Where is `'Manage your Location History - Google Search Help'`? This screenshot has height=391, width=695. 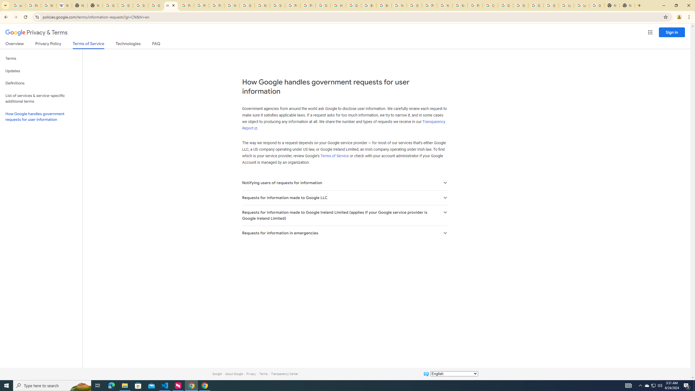
'Manage your Location History - Google Search Help' is located at coordinates (49, 5).